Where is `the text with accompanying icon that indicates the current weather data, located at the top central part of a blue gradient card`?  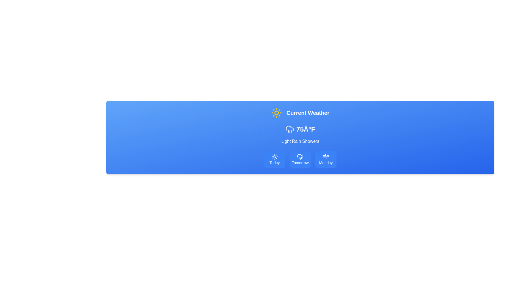
the text with accompanying icon that indicates the current weather data, located at the top central part of a blue gradient card is located at coordinates (300, 113).